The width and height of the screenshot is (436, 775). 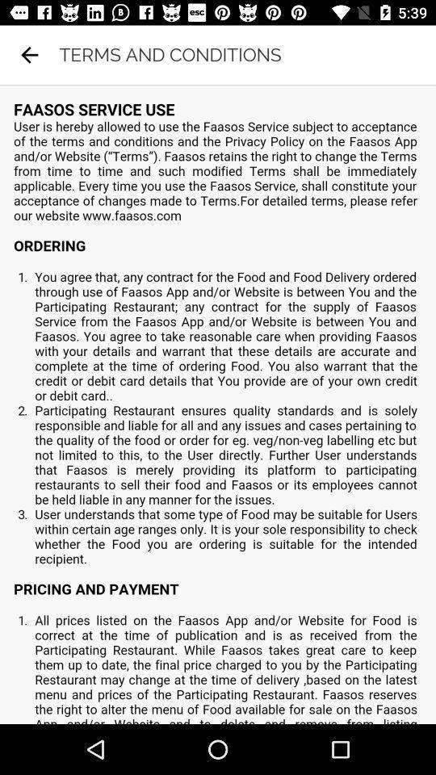 What do you see at coordinates (218, 404) in the screenshot?
I see `color print` at bounding box center [218, 404].